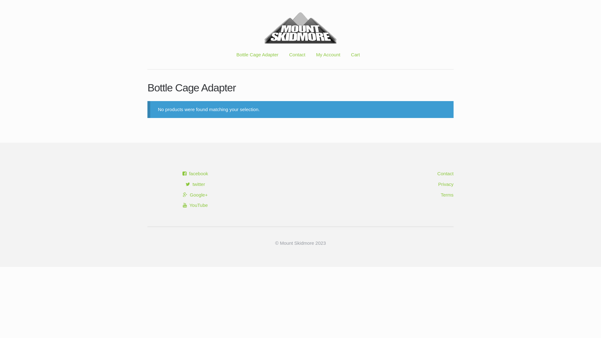  What do you see at coordinates (195, 205) in the screenshot?
I see `'YouTube'` at bounding box center [195, 205].